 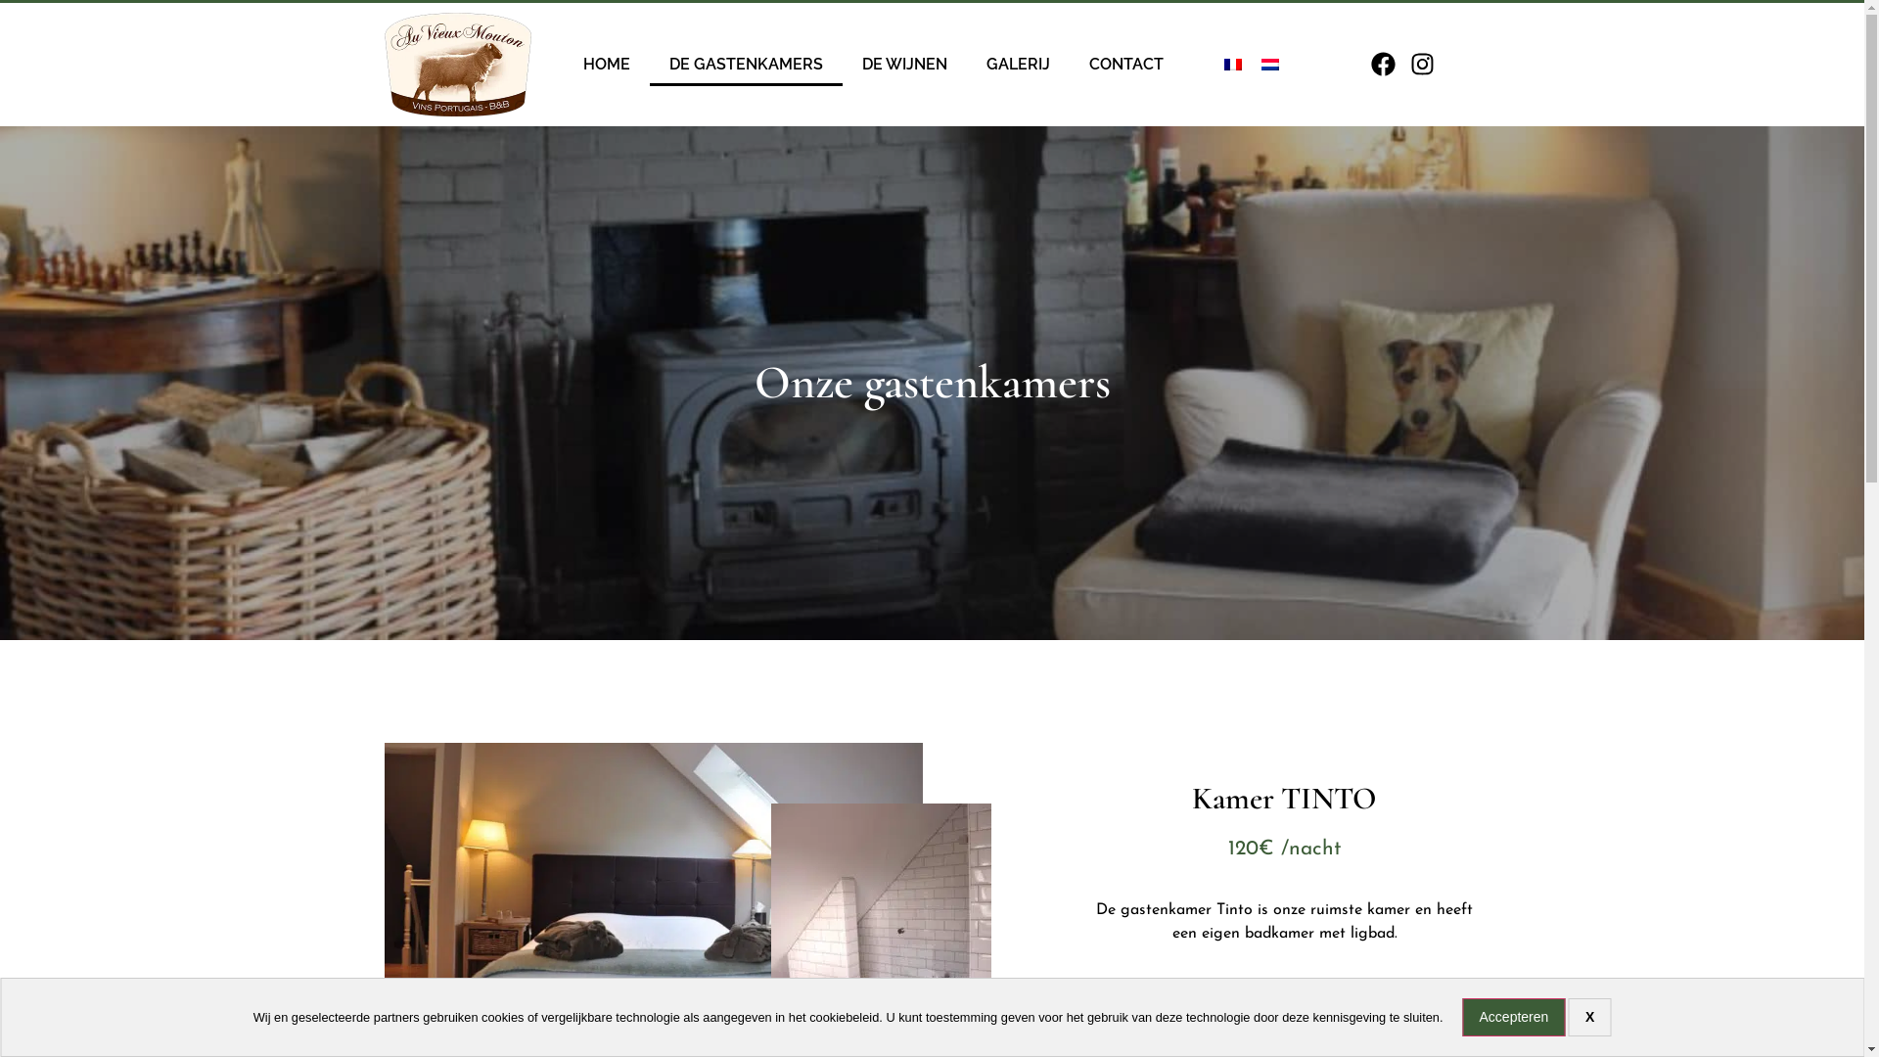 What do you see at coordinates (1513, 1016) in the screenshot?
I see `'Accepteren'` at bounding box center [1513, 1016].